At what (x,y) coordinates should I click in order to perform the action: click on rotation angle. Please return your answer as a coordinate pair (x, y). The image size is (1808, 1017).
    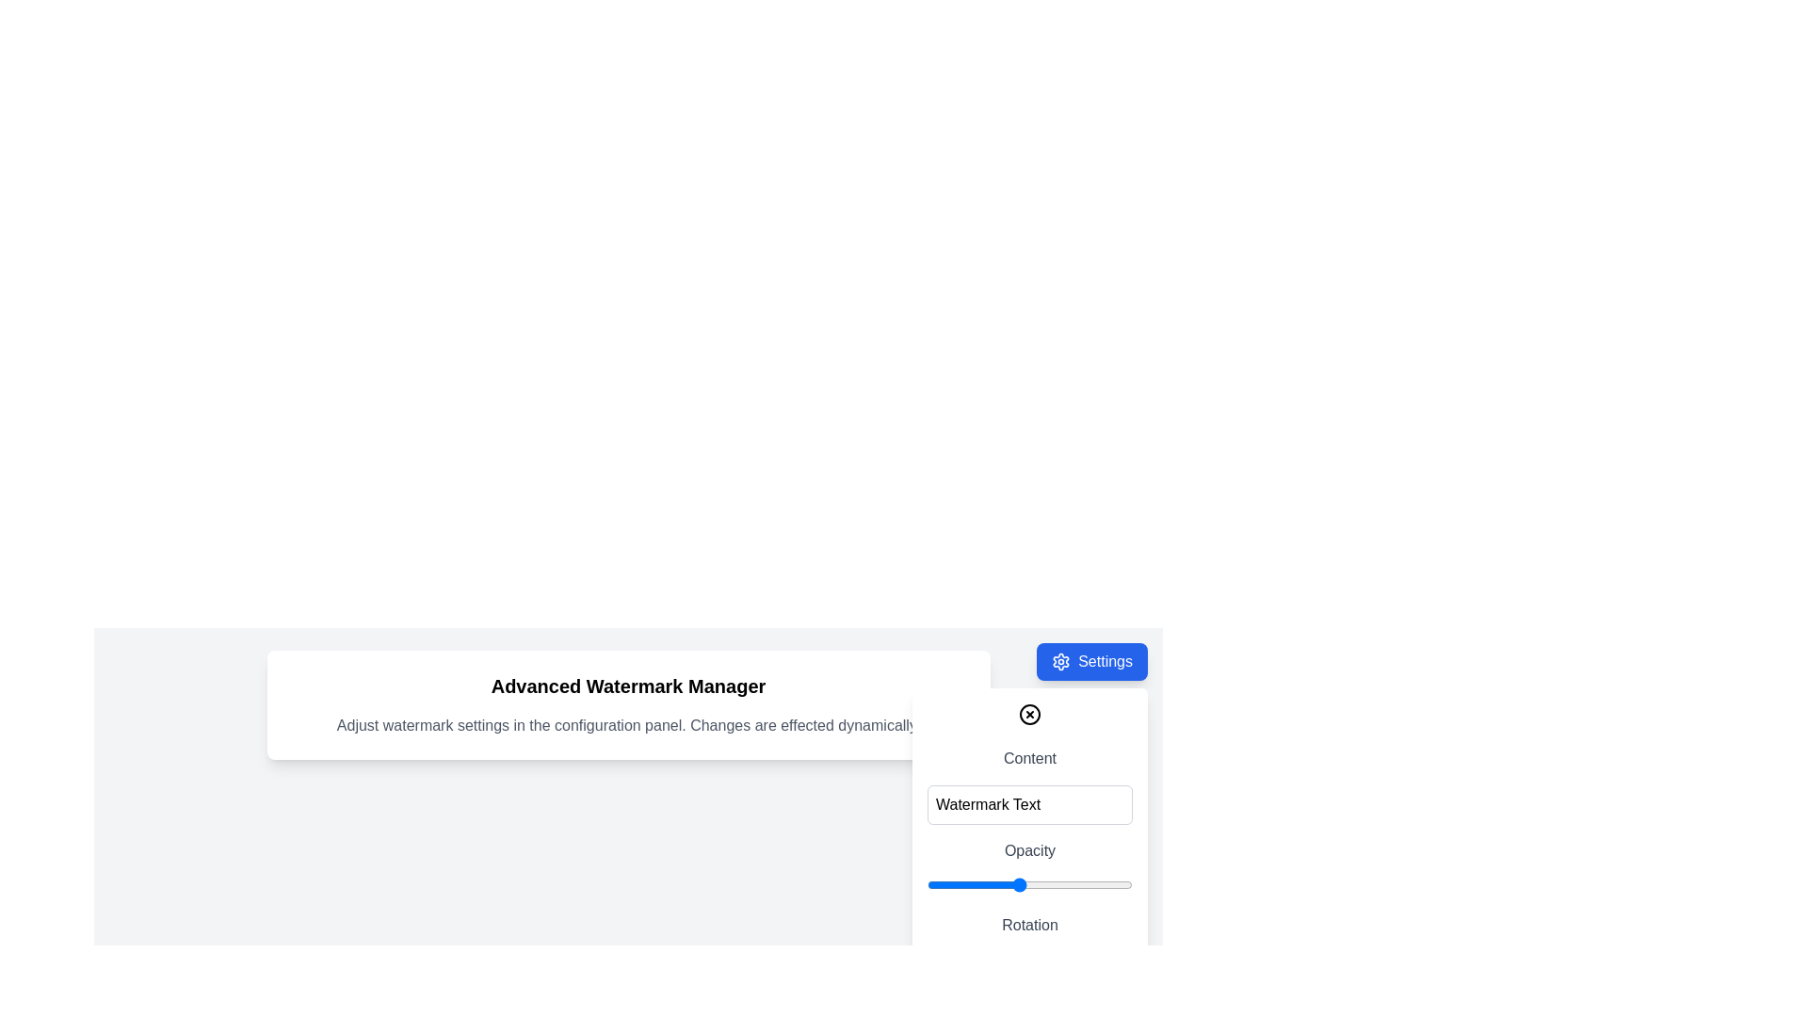
    Looking at the image, I should click on (1013, 959).